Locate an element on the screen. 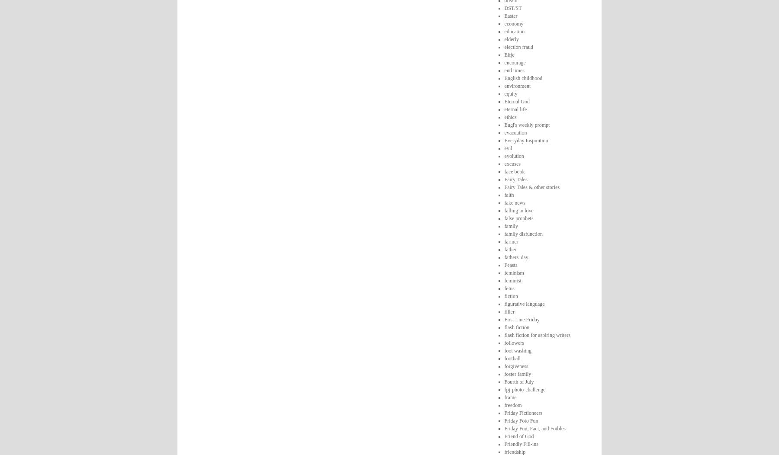  'English childhood' is located at coordinates (523, 77).